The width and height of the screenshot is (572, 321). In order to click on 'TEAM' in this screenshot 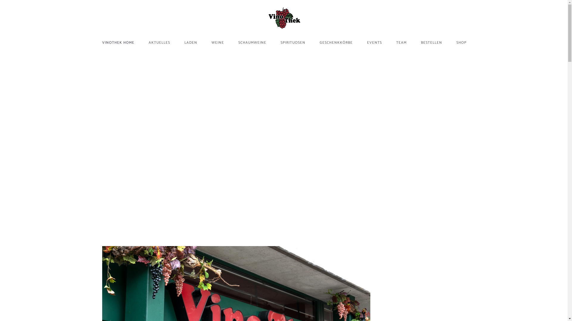, I will do `click(401, 42)`.